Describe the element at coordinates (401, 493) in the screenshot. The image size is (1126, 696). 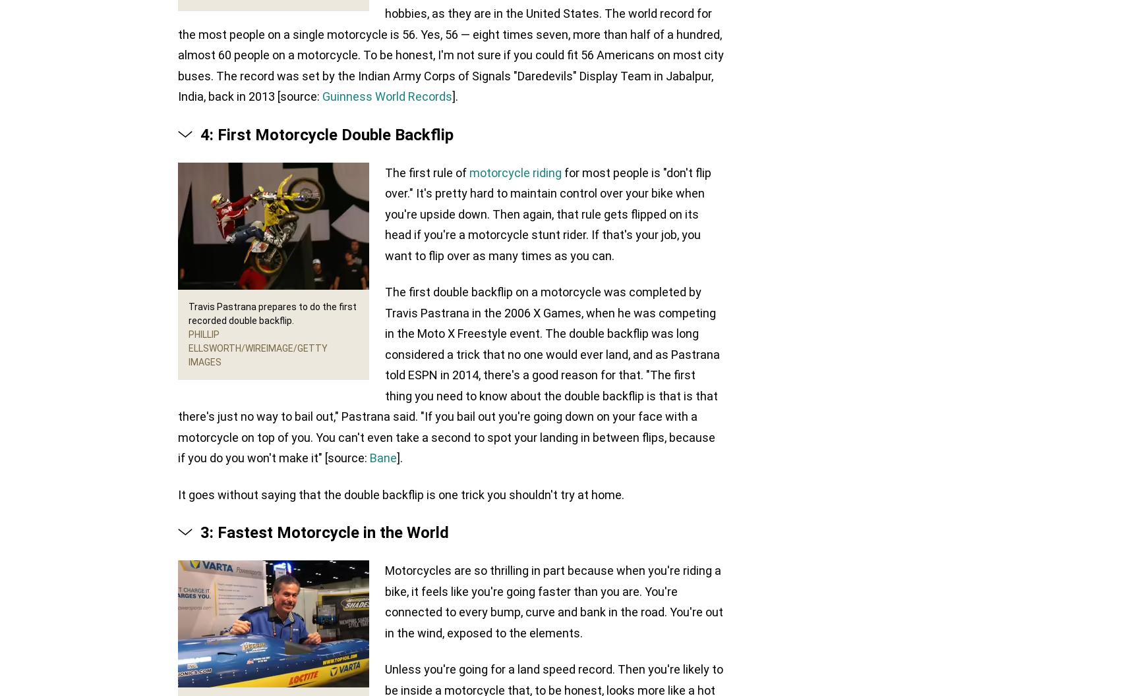
I see `'It goes without saying that the double backflip is one trick you shouldn't try at home.'` at that location.